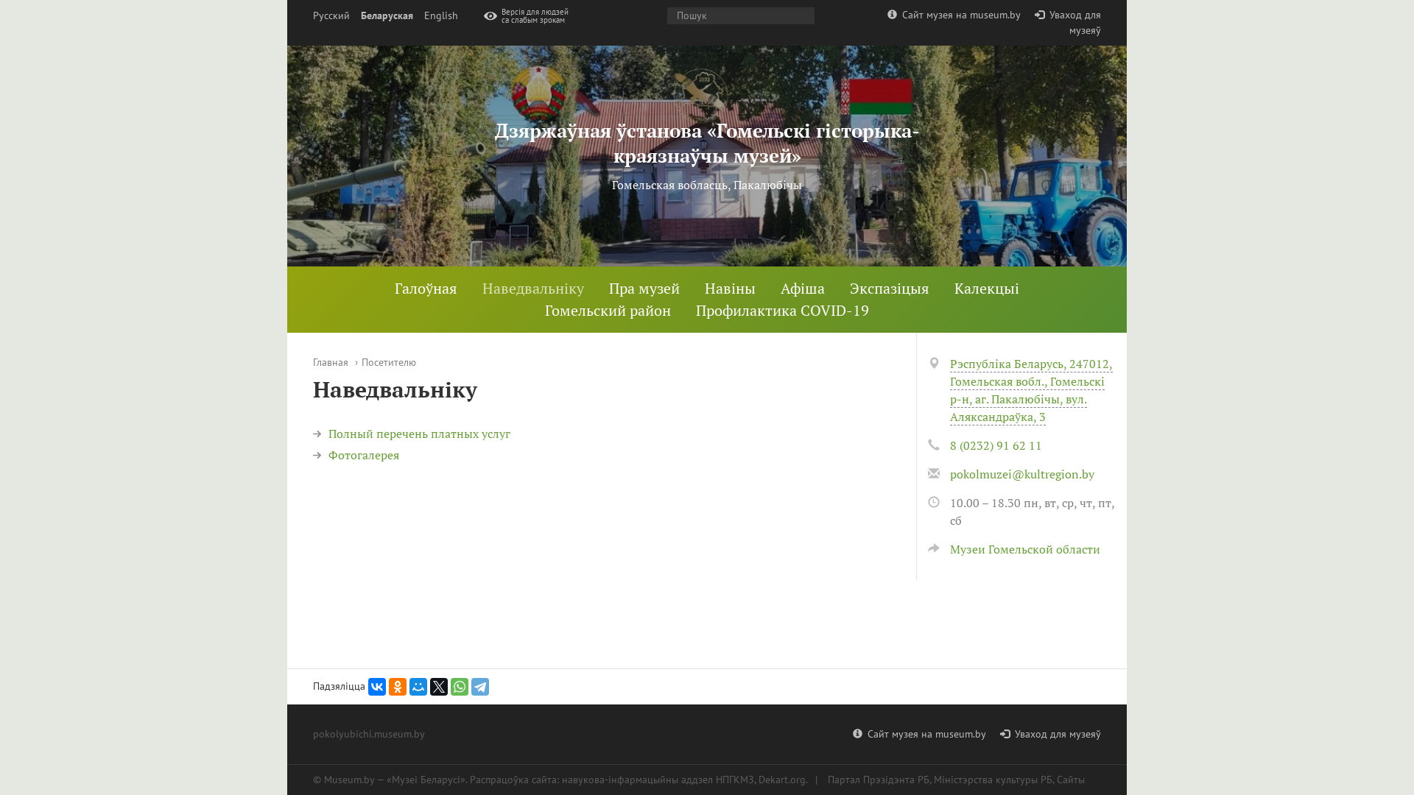 This screenshot has width=1414, height=795. Describe the element at coordinates (1021, 474) in the screenshot. I see `'pokolmuzei@kultregion.by'` at that location.